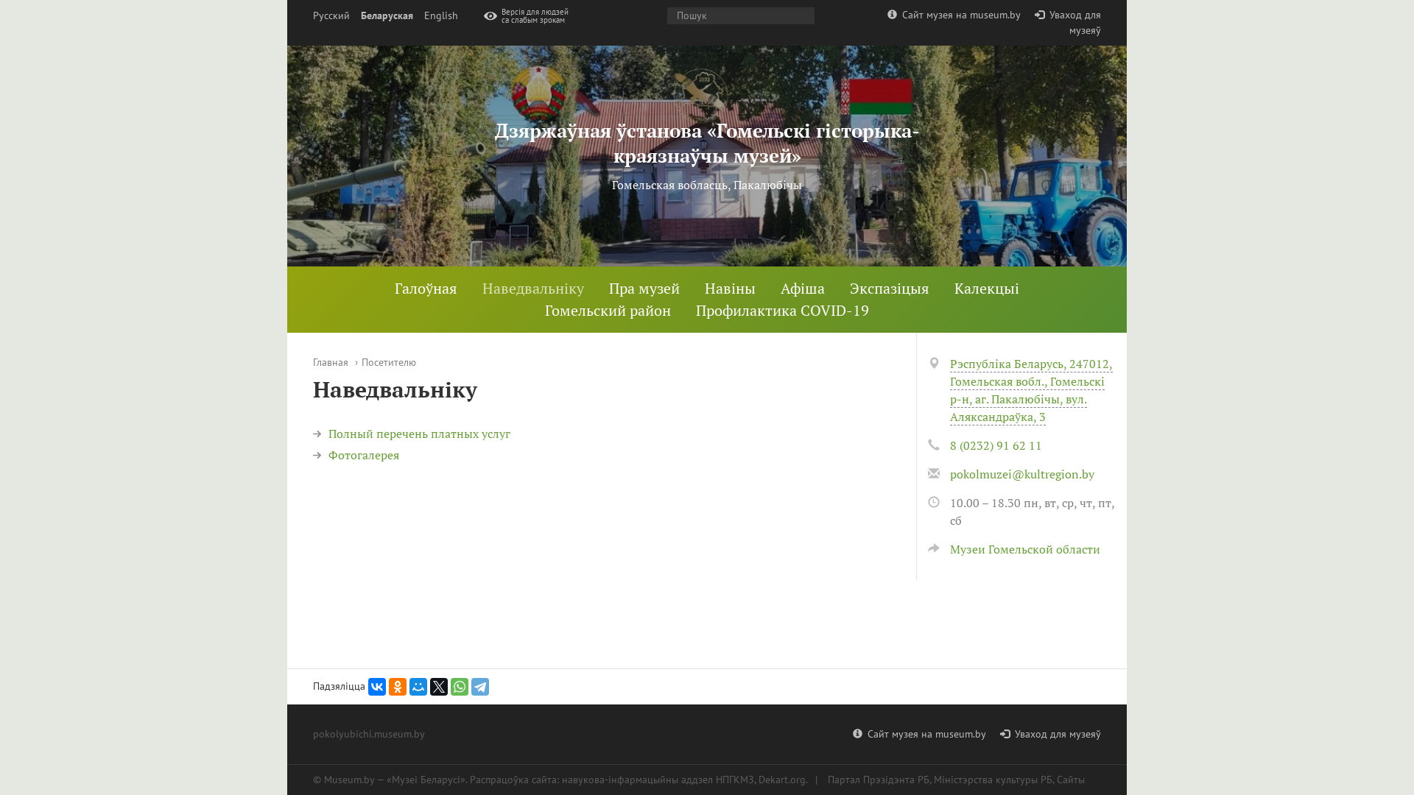 This screenshot has width=1414, height=795. Describe the element at coordinates (1021, 474) in the screenshot. I see `'pokolmuzei@kultregion.by'` at that location.